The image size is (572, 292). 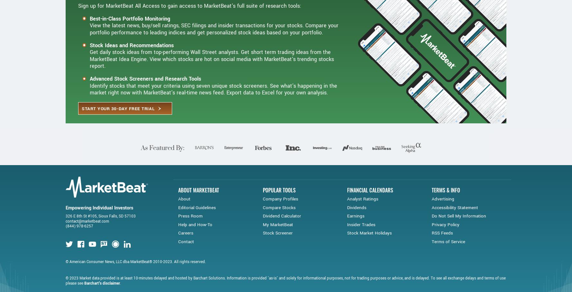 What do you see at coordinates (118, 133) in the screenshot?
I see `'Start Your 30-Day Free Trial'` at bounding box center [118, 133].